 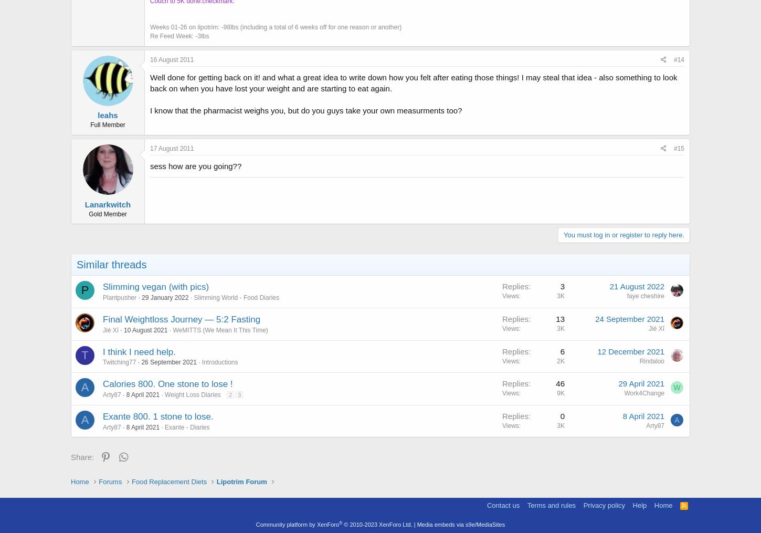 I want to click on 'Plantpusher', so click(x=119, y=297).